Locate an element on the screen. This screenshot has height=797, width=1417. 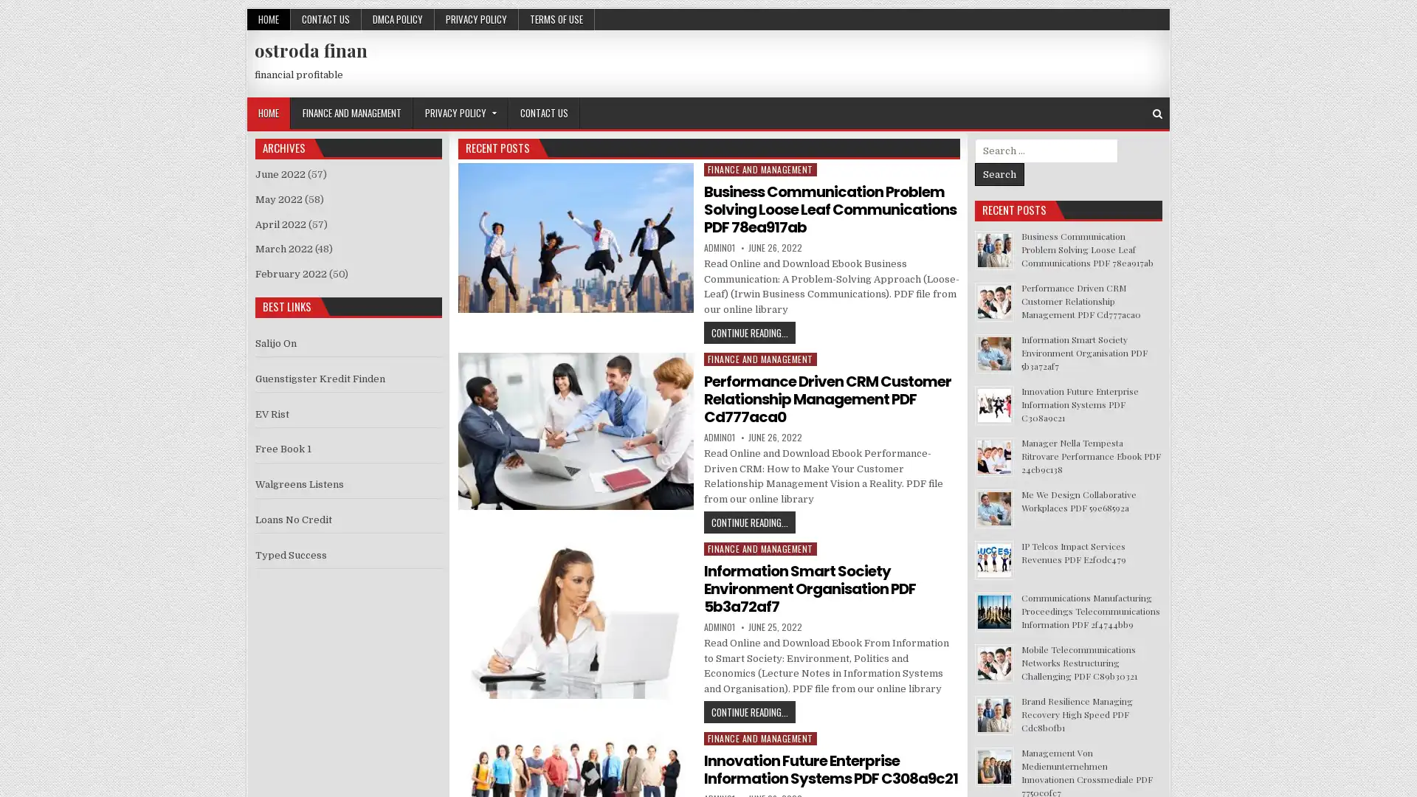
Search is located at coordinates (999, 173).